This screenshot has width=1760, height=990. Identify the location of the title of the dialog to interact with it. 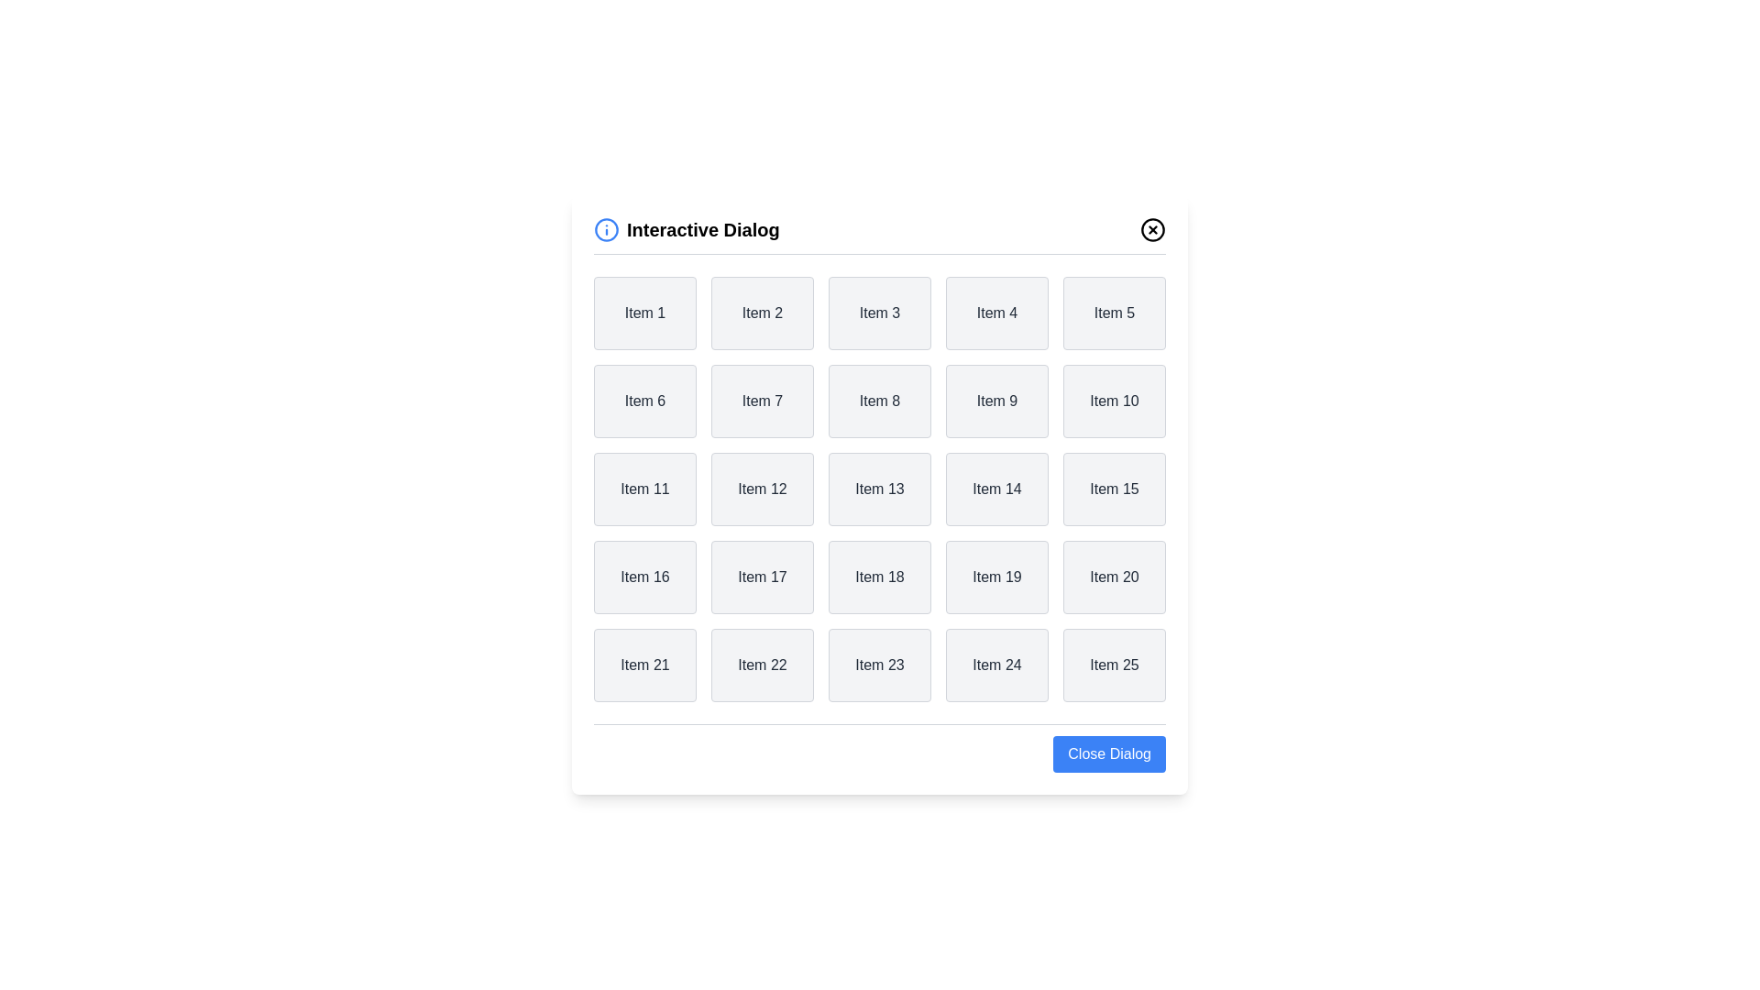
(685, 228).